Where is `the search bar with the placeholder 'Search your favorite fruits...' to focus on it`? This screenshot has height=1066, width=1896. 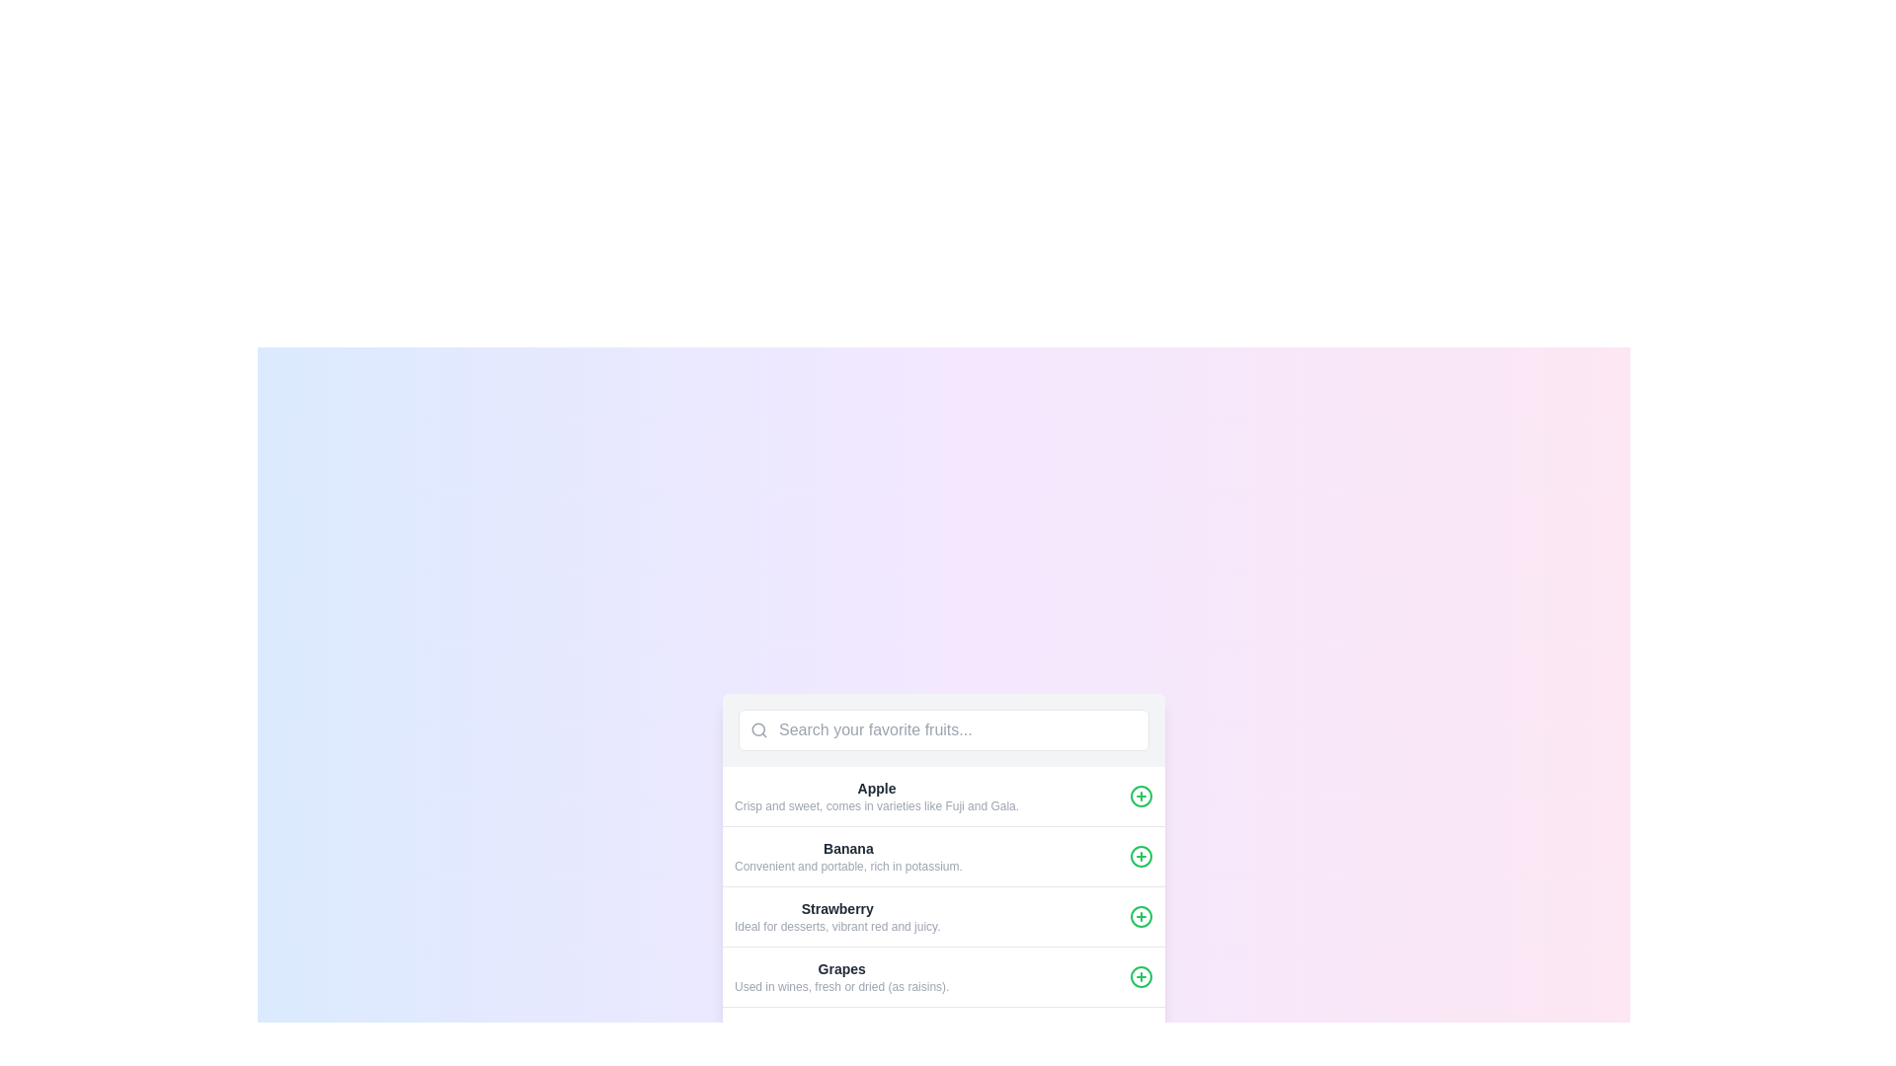 the search bar with the placeholder 'Search your favorite fruits...' to focus on it is located at coordinates (942, 730).